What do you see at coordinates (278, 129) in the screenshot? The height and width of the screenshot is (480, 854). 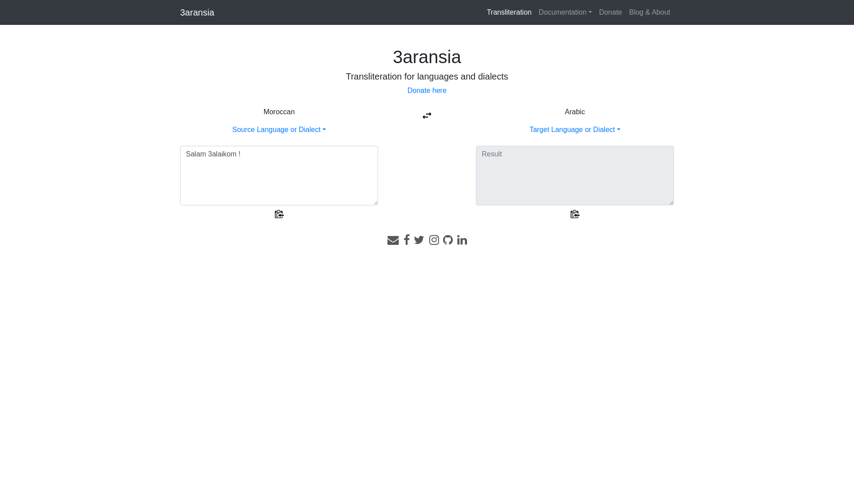 I see `'Source Language or Dialect'` at bounding box center [278, 129].